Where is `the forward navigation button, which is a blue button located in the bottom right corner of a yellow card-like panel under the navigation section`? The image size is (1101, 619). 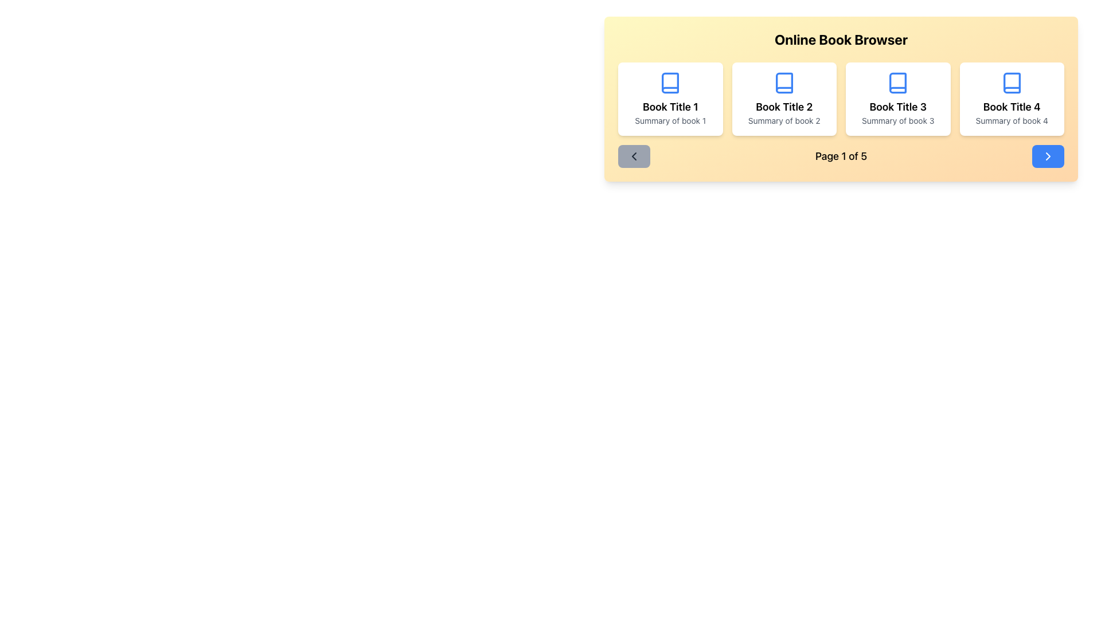 the forward navigation button, which is a blue button located in the bottom right corner of a yellow card-like panel under the navigation section is located at coordinates (1048, 156).